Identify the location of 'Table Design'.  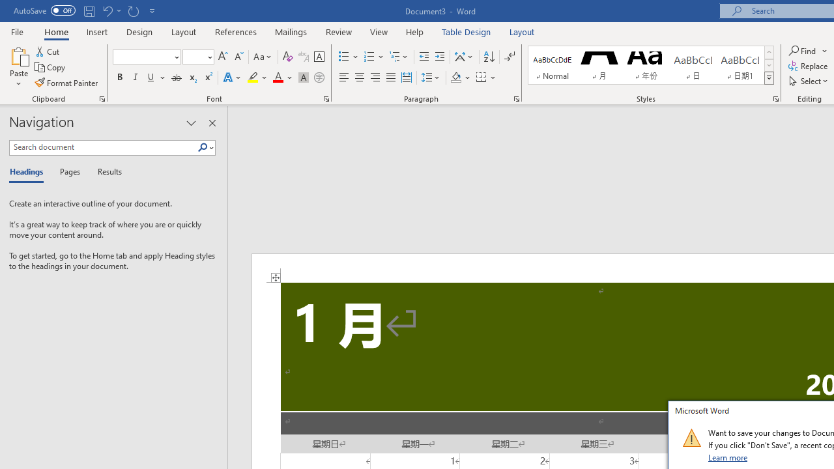
(467, 31).